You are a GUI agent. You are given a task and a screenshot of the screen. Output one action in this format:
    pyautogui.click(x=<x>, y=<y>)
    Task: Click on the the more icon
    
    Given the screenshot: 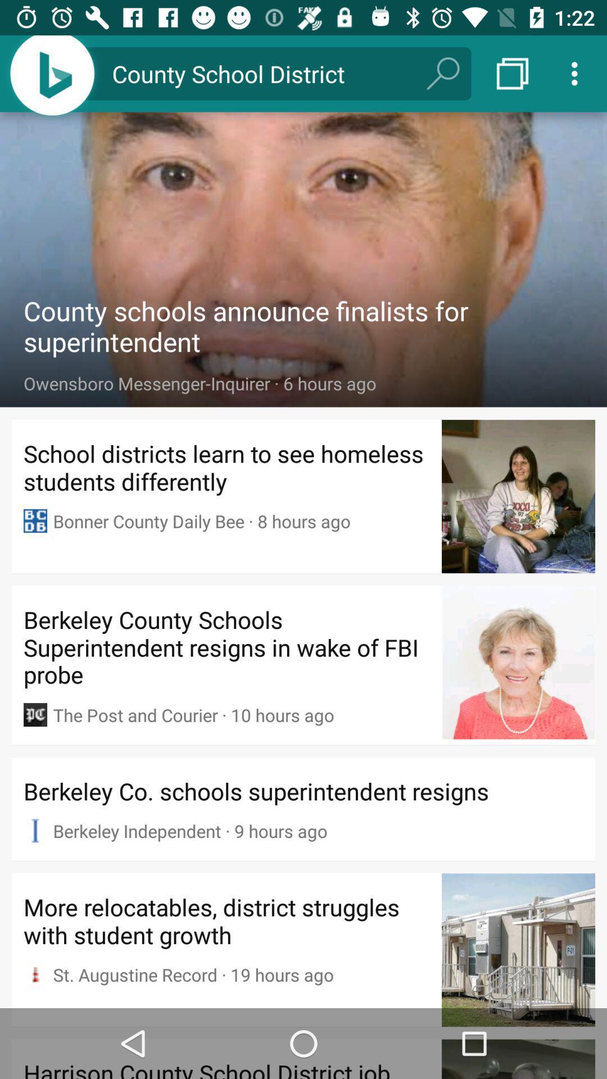 What is the action you would take?
    pyautogui.click(x=577, y=73)
    